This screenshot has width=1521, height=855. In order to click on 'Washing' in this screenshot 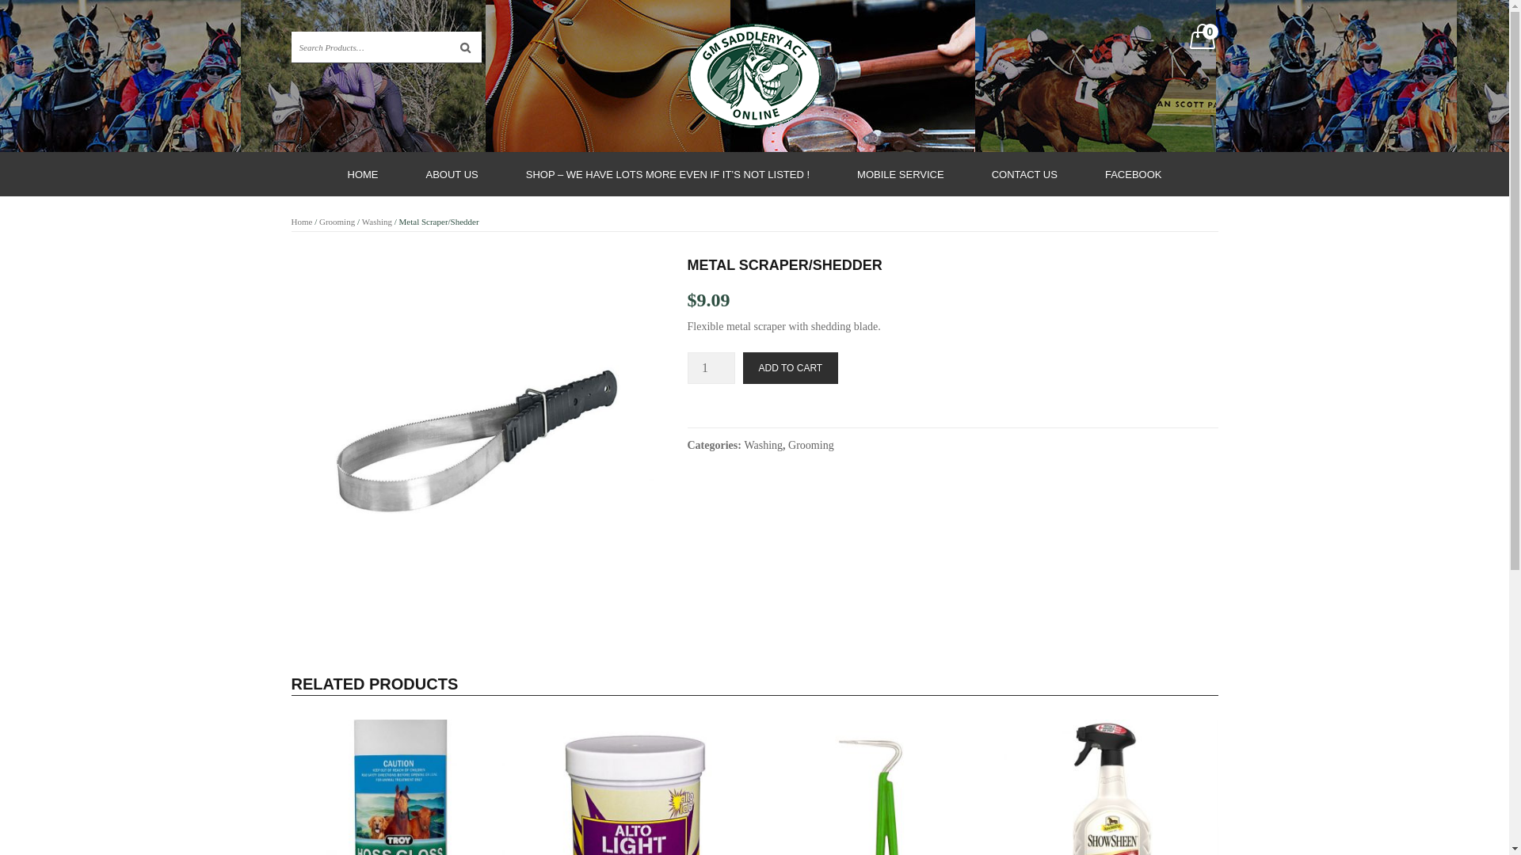, I will do `click(375, 222)`.